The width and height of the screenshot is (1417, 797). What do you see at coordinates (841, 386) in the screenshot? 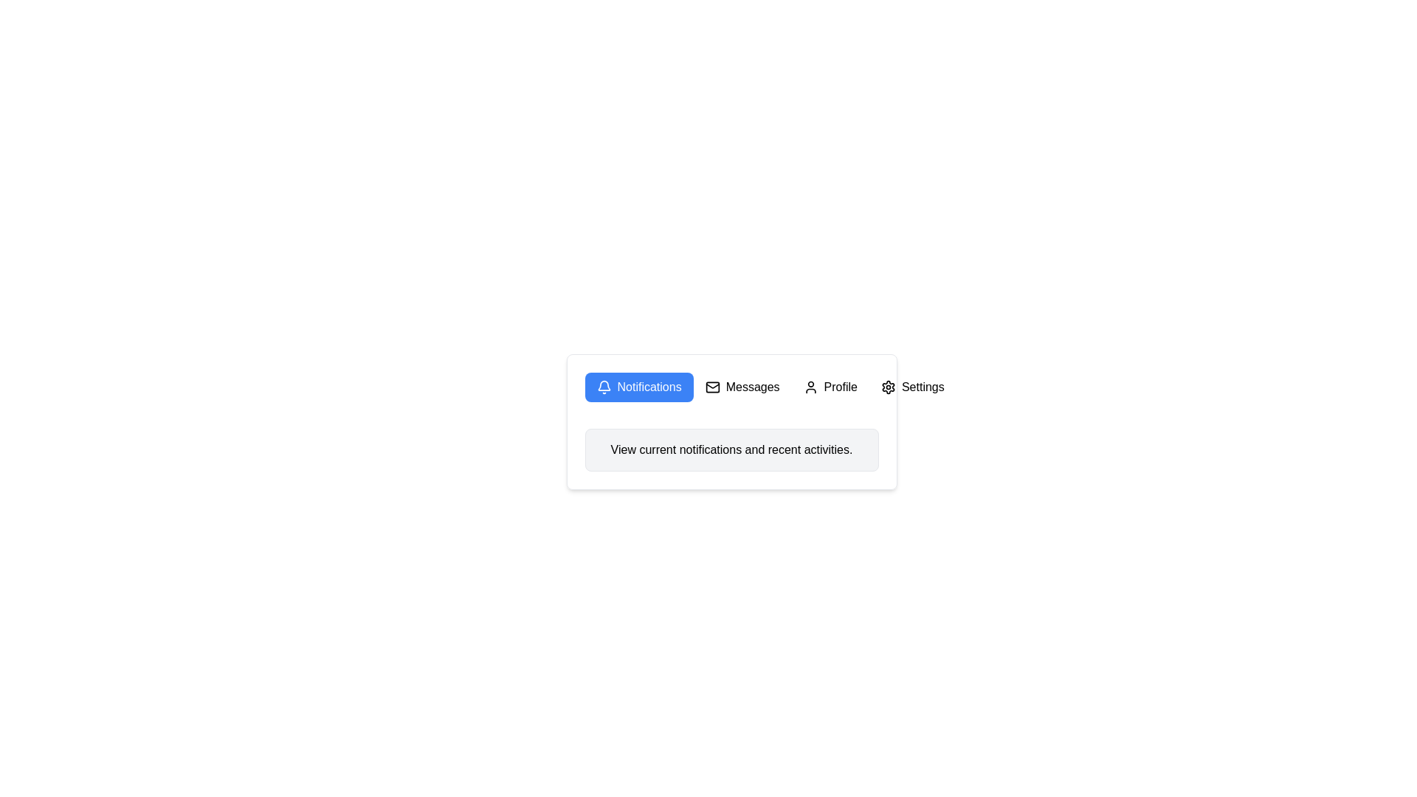
I see `the 'Profile' text label located in the top-right section of the interface` at bounding box center [841, 386].